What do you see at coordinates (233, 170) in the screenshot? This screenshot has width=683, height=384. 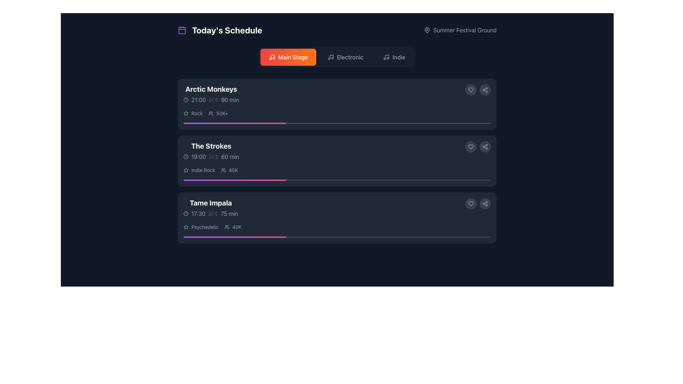 I see `the static text element displaying '45K', which is light gray and positioned next to a group of people icon in the second event card labeled 'The Strokes'` at bounding box center [233, 170].